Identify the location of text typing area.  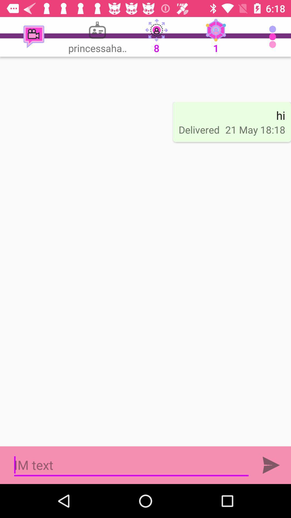
(131, 465).